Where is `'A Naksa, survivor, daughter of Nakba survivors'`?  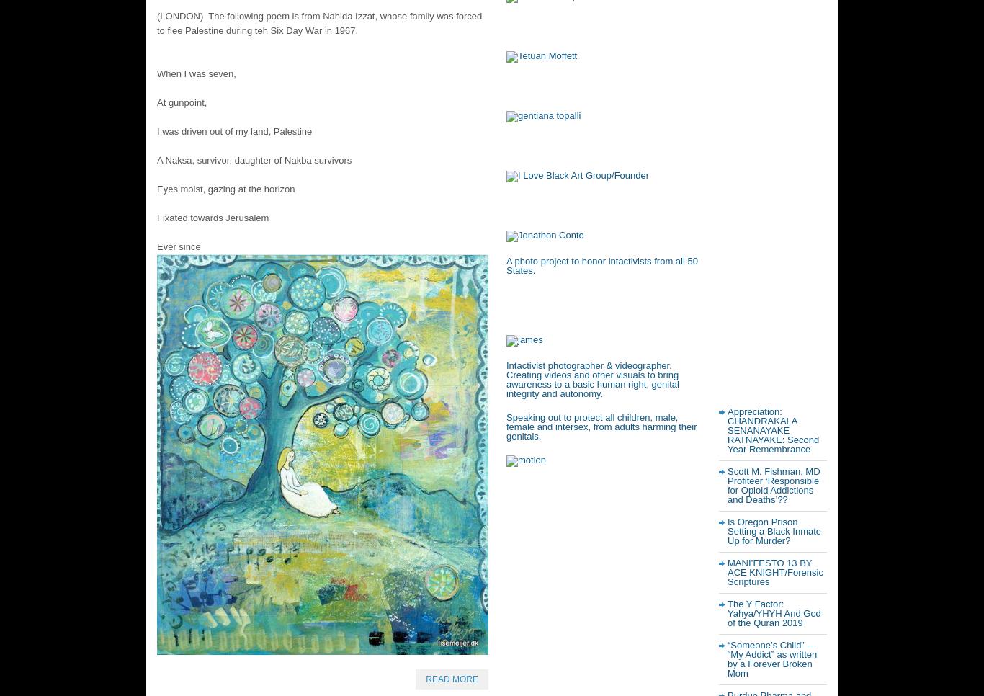 'A Naksa, survivor, daughter of Nakba survivors' is located at coordinates (253, 159).